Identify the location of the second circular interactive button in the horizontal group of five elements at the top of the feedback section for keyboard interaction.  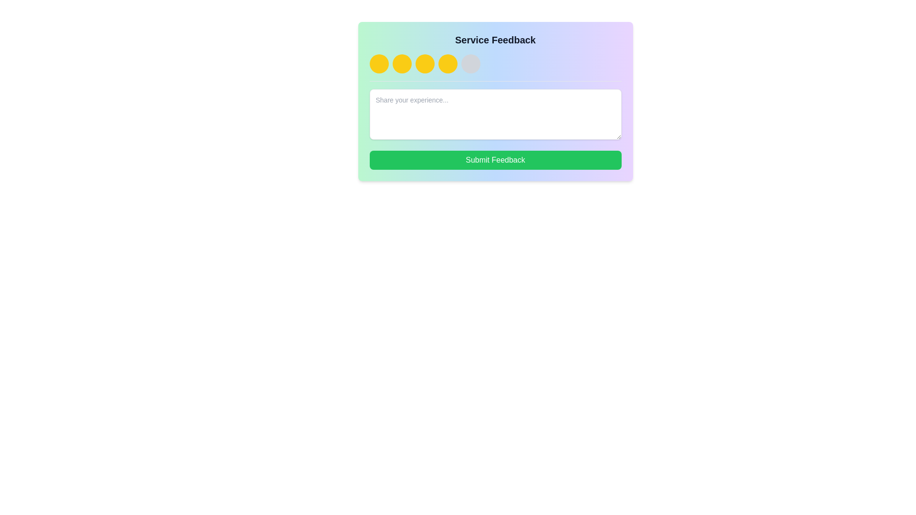
(402, 64).